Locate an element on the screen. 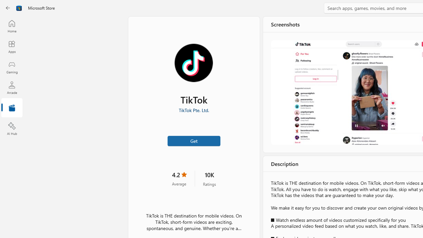 Image resolution: width=423 pixels, height=238 pixels. 'Gaming' is located at coordinates (12, 67).